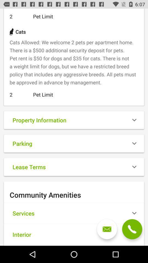 This screenshot has width=148, height=263. What do you see at coordinates (74, 167) in the screenshot?
I see `lease terms below parking` at bounding box center [74, 167].